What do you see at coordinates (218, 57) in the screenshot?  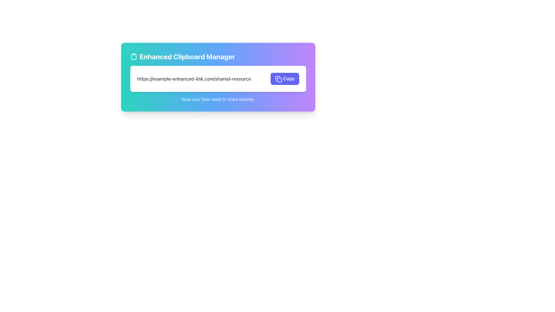 I see `the Header titled 'Enhanced Clipboard Manager' with an icon resembling a clipboard, which is visually styled with a gradient background` at bounding box center [218, 57].